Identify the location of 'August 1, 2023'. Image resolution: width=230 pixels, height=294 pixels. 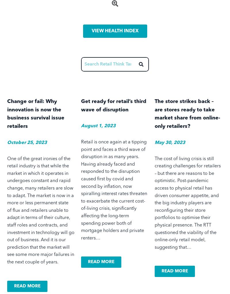
(98, 126).